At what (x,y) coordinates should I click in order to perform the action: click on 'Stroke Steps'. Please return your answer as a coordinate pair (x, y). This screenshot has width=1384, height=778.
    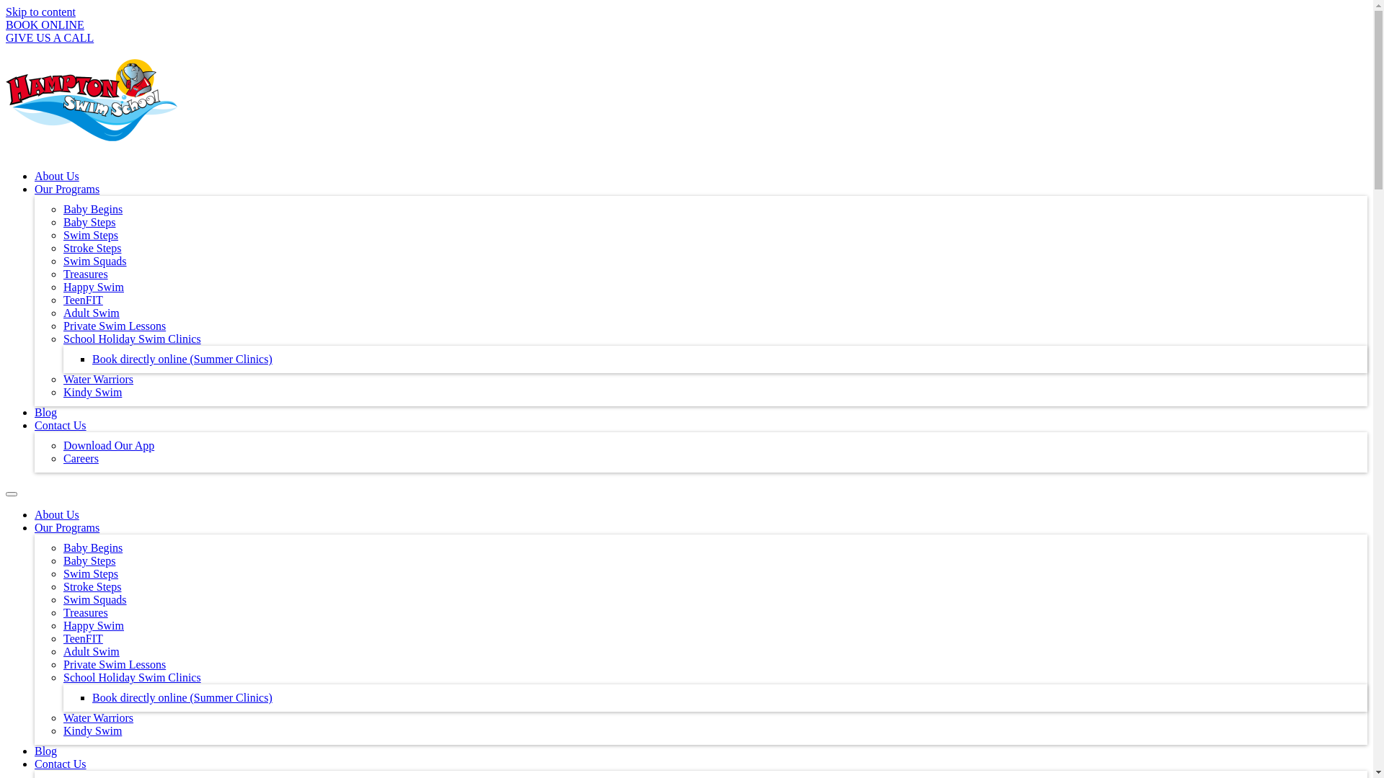
    Looking at the image, I should click on (92, 586).